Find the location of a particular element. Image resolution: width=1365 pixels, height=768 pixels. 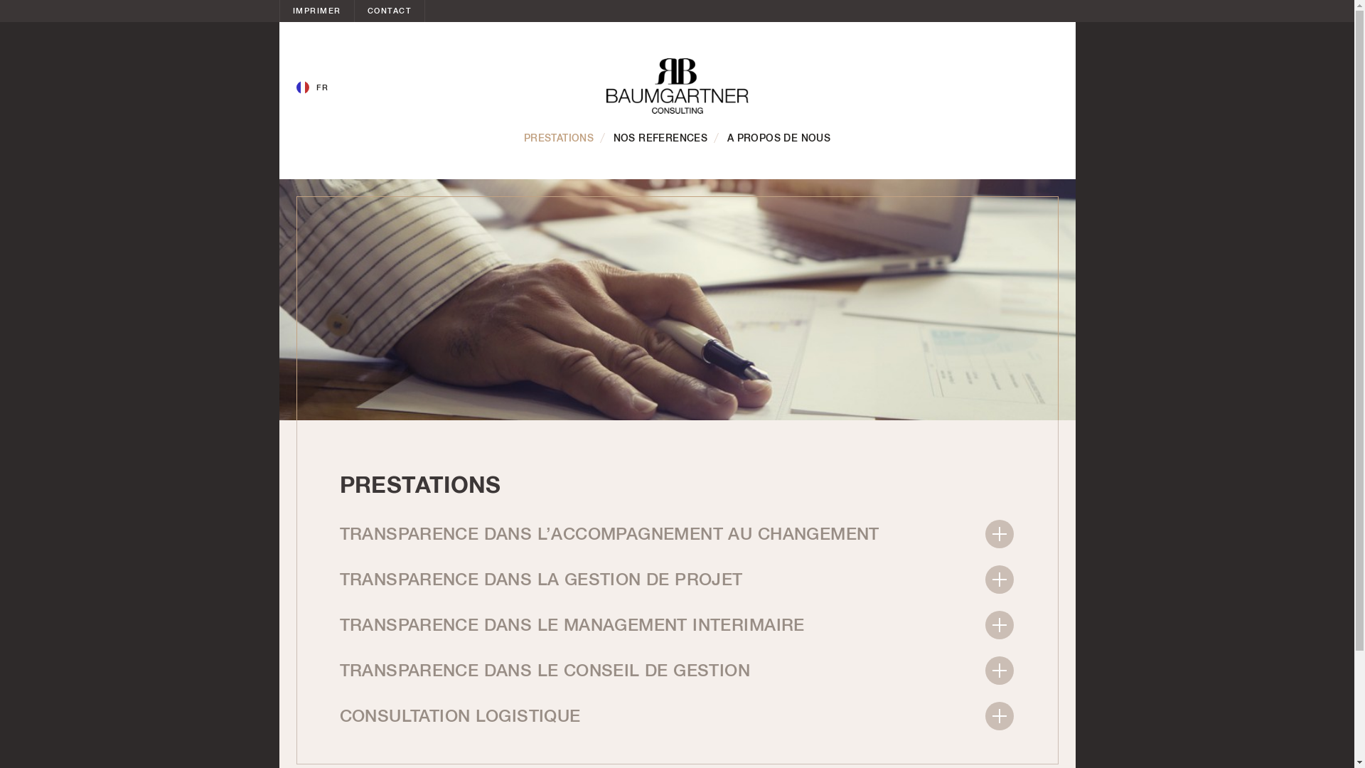

'NOS REFERENCES' is located at coordinates (660, 139).